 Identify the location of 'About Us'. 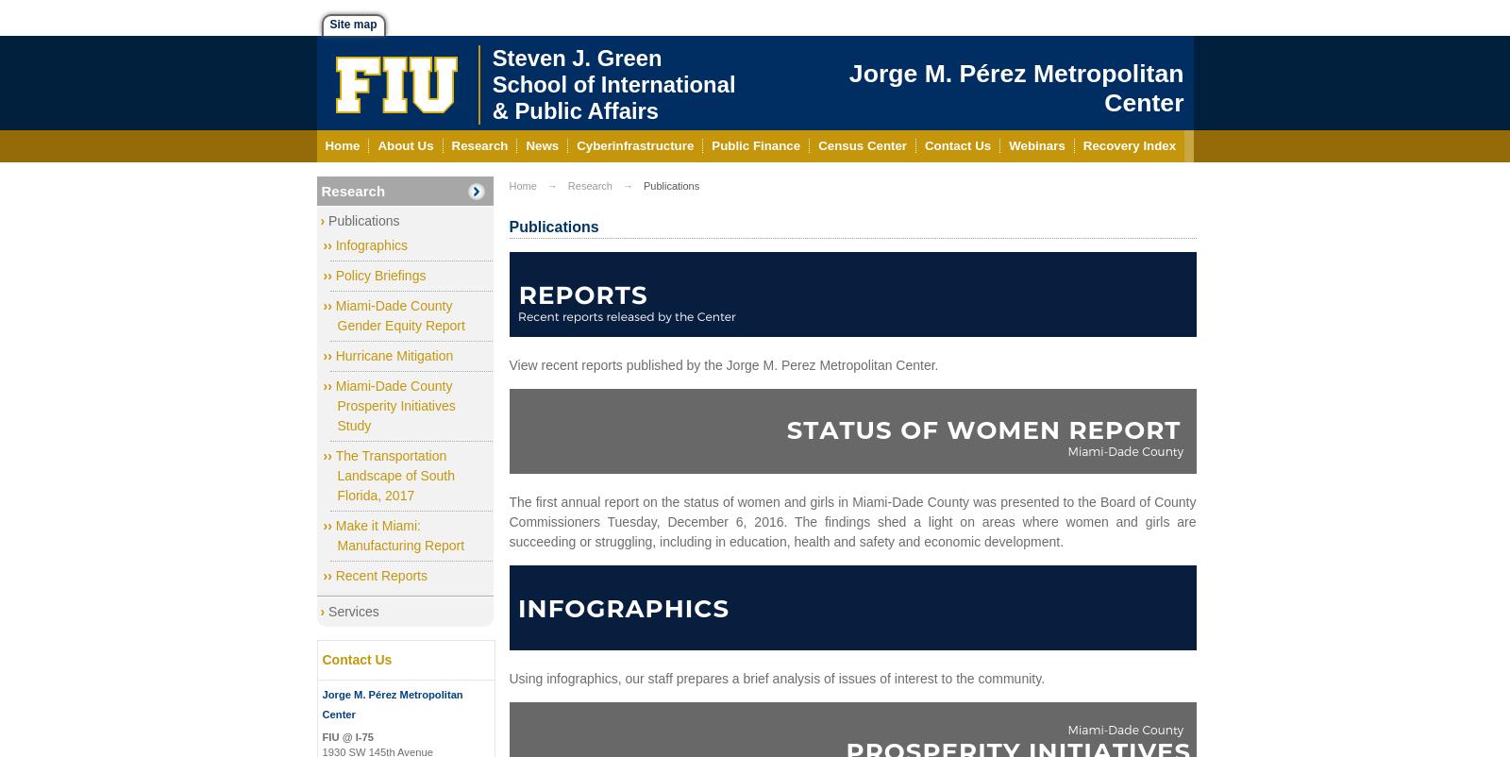
(404, 144).